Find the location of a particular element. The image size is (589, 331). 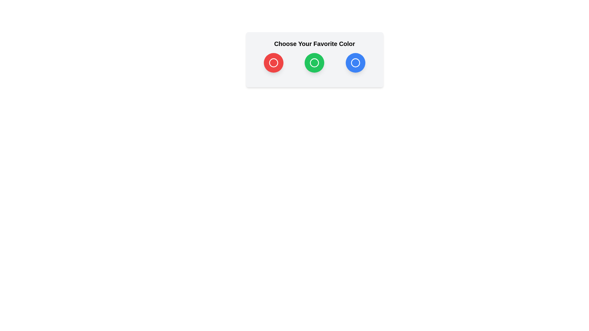

the color Blue from the options available is located at coordinates (355, 63).